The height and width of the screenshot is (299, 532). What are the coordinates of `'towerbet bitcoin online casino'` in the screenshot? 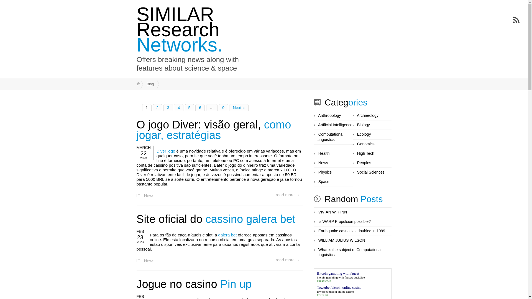 It's located at (335, 291).